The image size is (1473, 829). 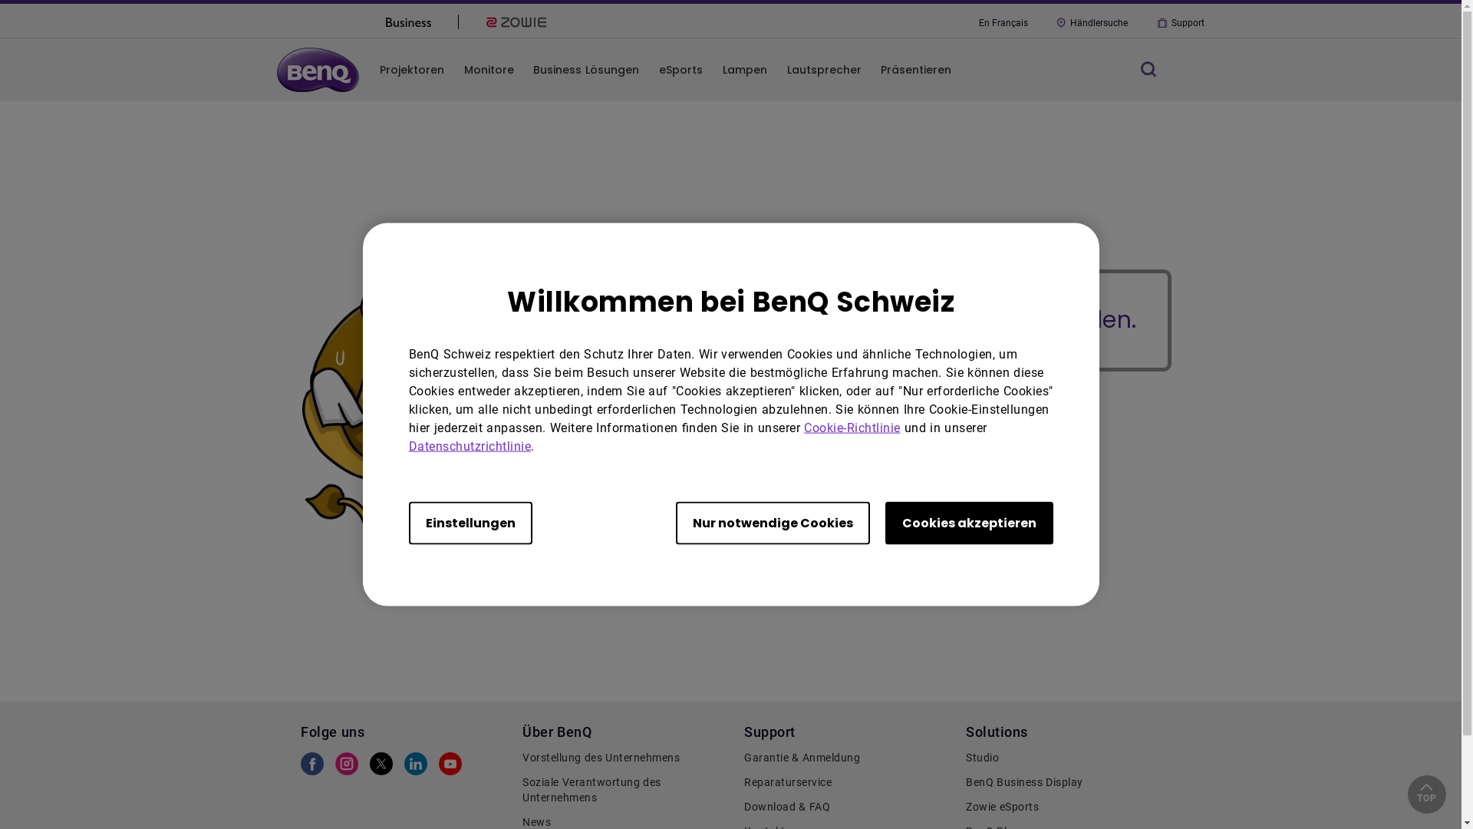 What do you see at coordinates (968, 522) in the screenshot?
I see `'Cookies akzeptieren'` at bounding box center [968, 522].